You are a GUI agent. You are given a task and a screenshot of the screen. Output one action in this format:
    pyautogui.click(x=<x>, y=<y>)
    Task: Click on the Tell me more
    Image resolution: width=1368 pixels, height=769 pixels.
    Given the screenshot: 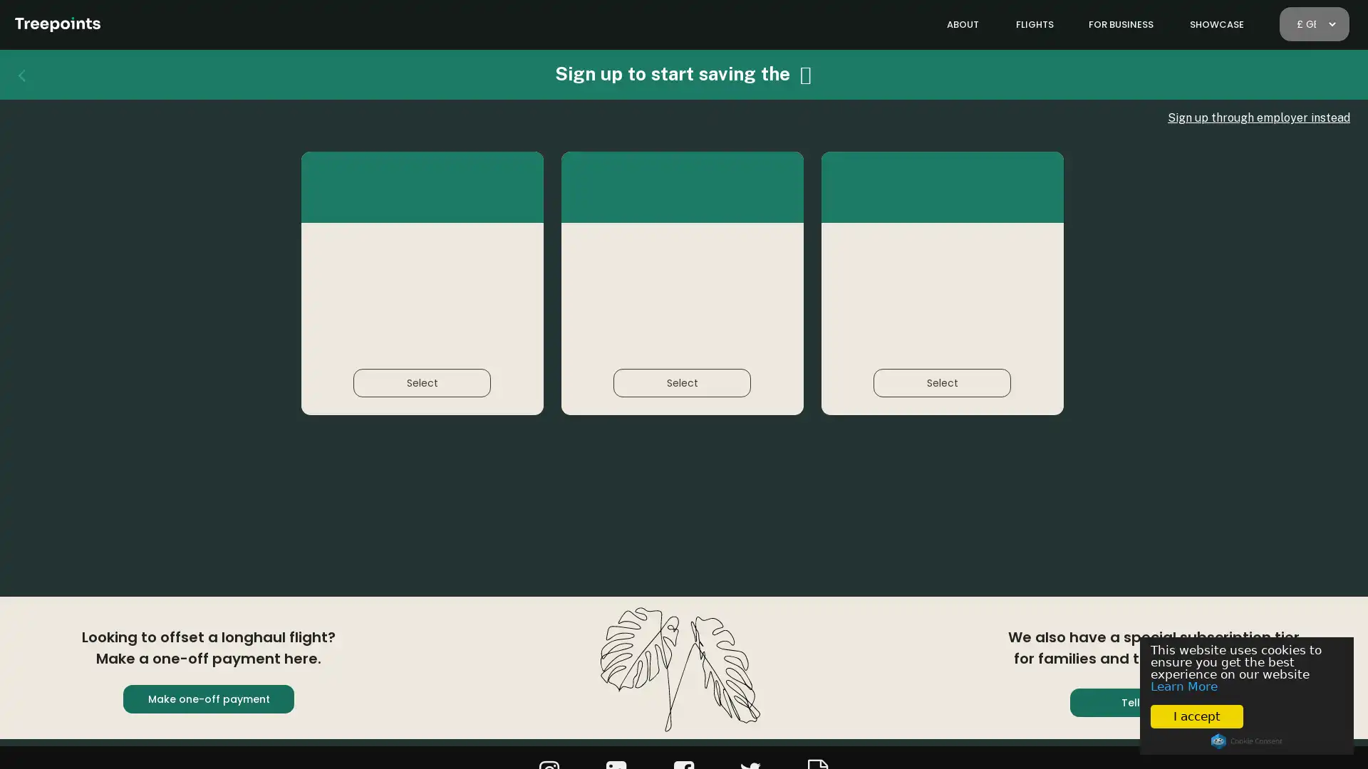 What is the action you would take?
    pyautogui.click(x=1156, y=702)
    